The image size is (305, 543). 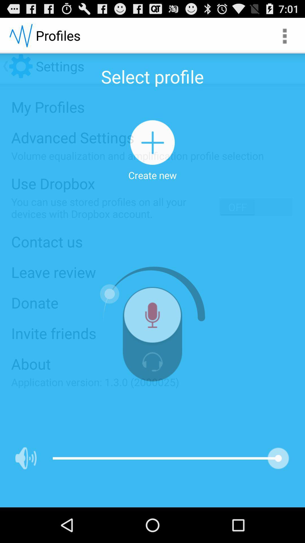 What do you see at coordinates (21, 35) in the screenshot?
I see `left of profiles` at bounding box center [21, 35].